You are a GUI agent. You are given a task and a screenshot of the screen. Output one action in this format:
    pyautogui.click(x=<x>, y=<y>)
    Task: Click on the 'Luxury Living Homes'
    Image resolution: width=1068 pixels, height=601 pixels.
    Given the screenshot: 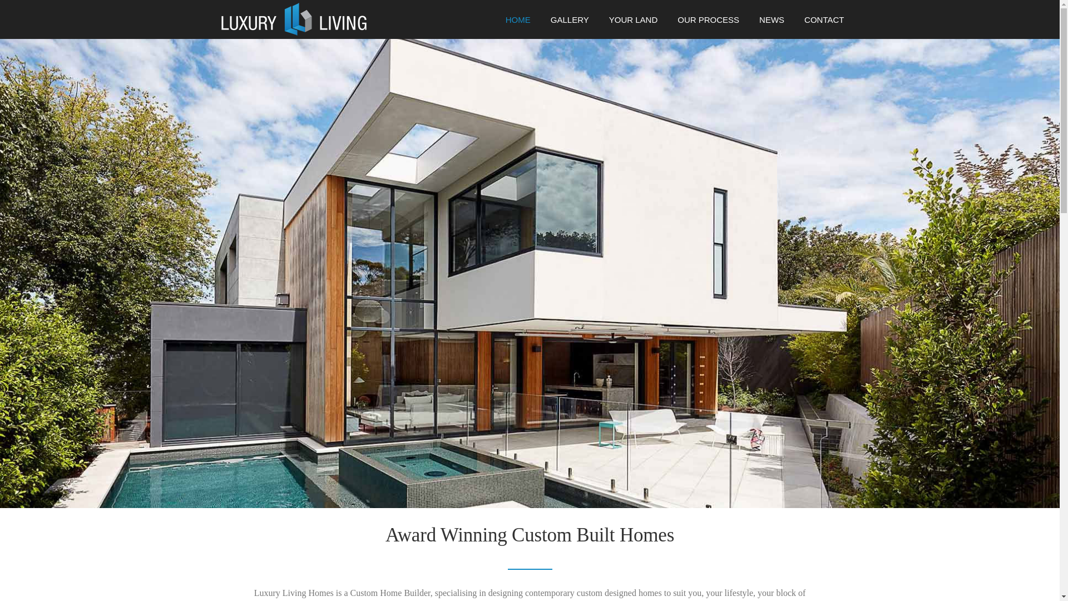 What is the action you would take?
    pyautogui.click(x=293, y=18)
    